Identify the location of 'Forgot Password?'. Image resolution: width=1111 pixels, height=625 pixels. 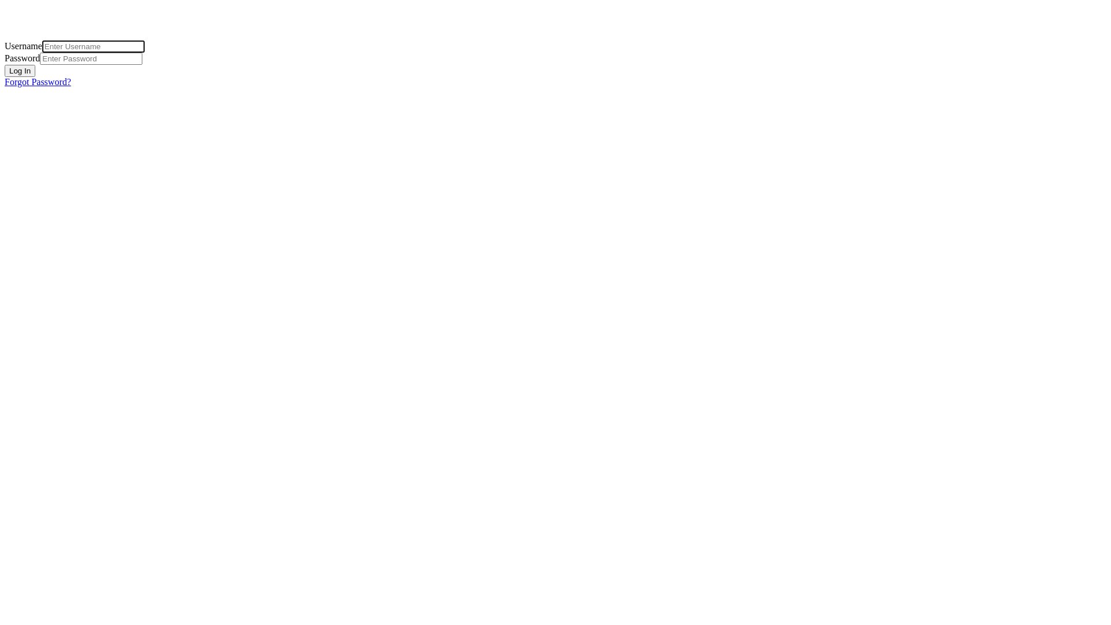
(5, 81).